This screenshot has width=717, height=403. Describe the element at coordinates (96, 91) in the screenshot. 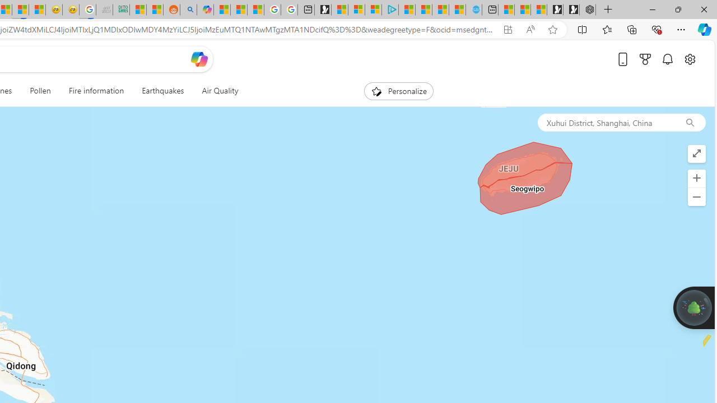

I see `'Fire information'` at that location.